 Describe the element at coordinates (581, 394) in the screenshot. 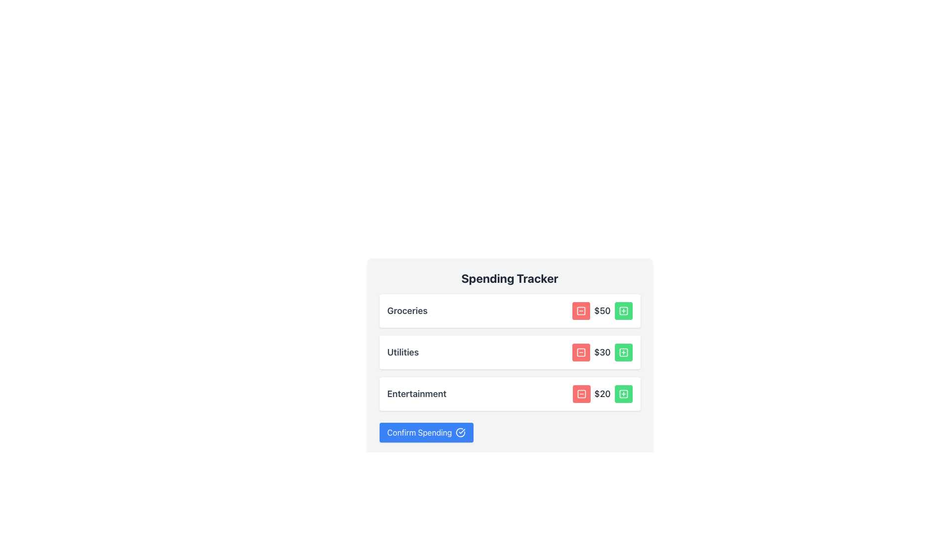

I see `the decrement button located to the immediate left of the '$20' text` at that location.